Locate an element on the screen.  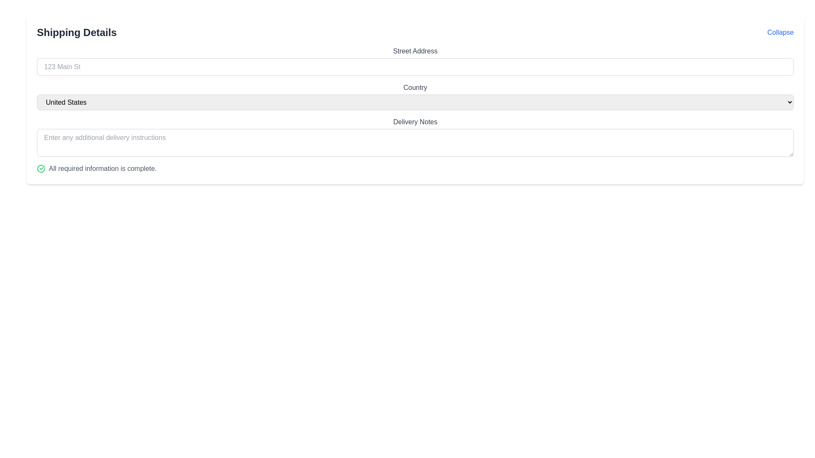
an option from the dropdown menu located below the label 'Country' in the 'Shipping Details' form is located at coordinates (415, 96).